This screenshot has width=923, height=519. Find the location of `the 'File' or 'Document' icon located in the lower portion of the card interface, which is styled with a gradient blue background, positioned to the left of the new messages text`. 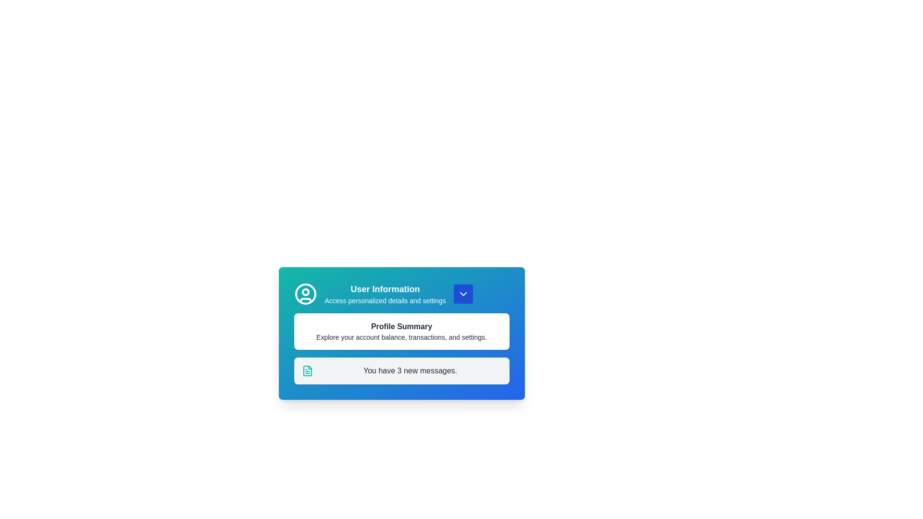

the 'File' or 'Document' icon located in the lower portion of the card interface, which is styled with a gradient blue background, positioned to the left of the new messages text is located at coordinates (307, 370).